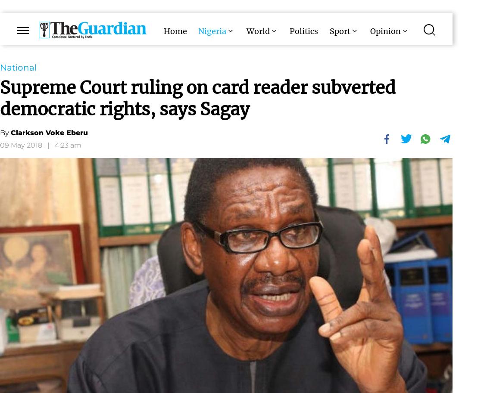  Describe the element at coordinates (10, 132) in the screenshot. I see `'Clarkson Voke Eberu'` at that location.